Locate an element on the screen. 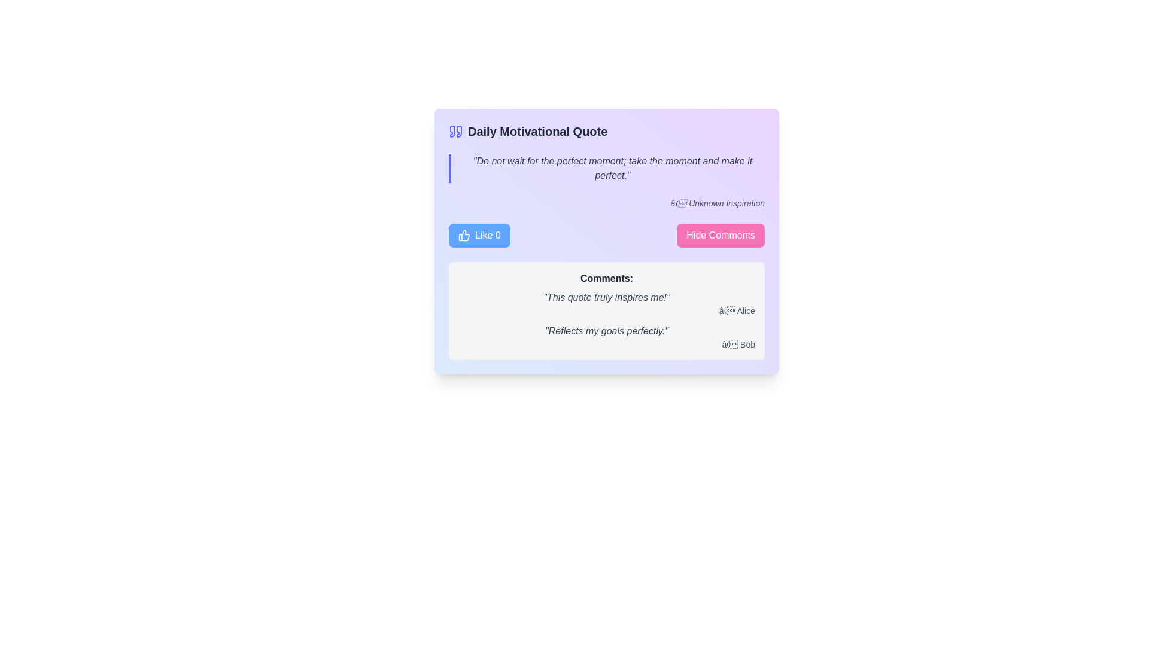 The image size is (1149, 646). the 'thumbs up' icon representing the 'Like 0' button, which is part of an interactive component in the card layout is located at coordinates (463, 235).